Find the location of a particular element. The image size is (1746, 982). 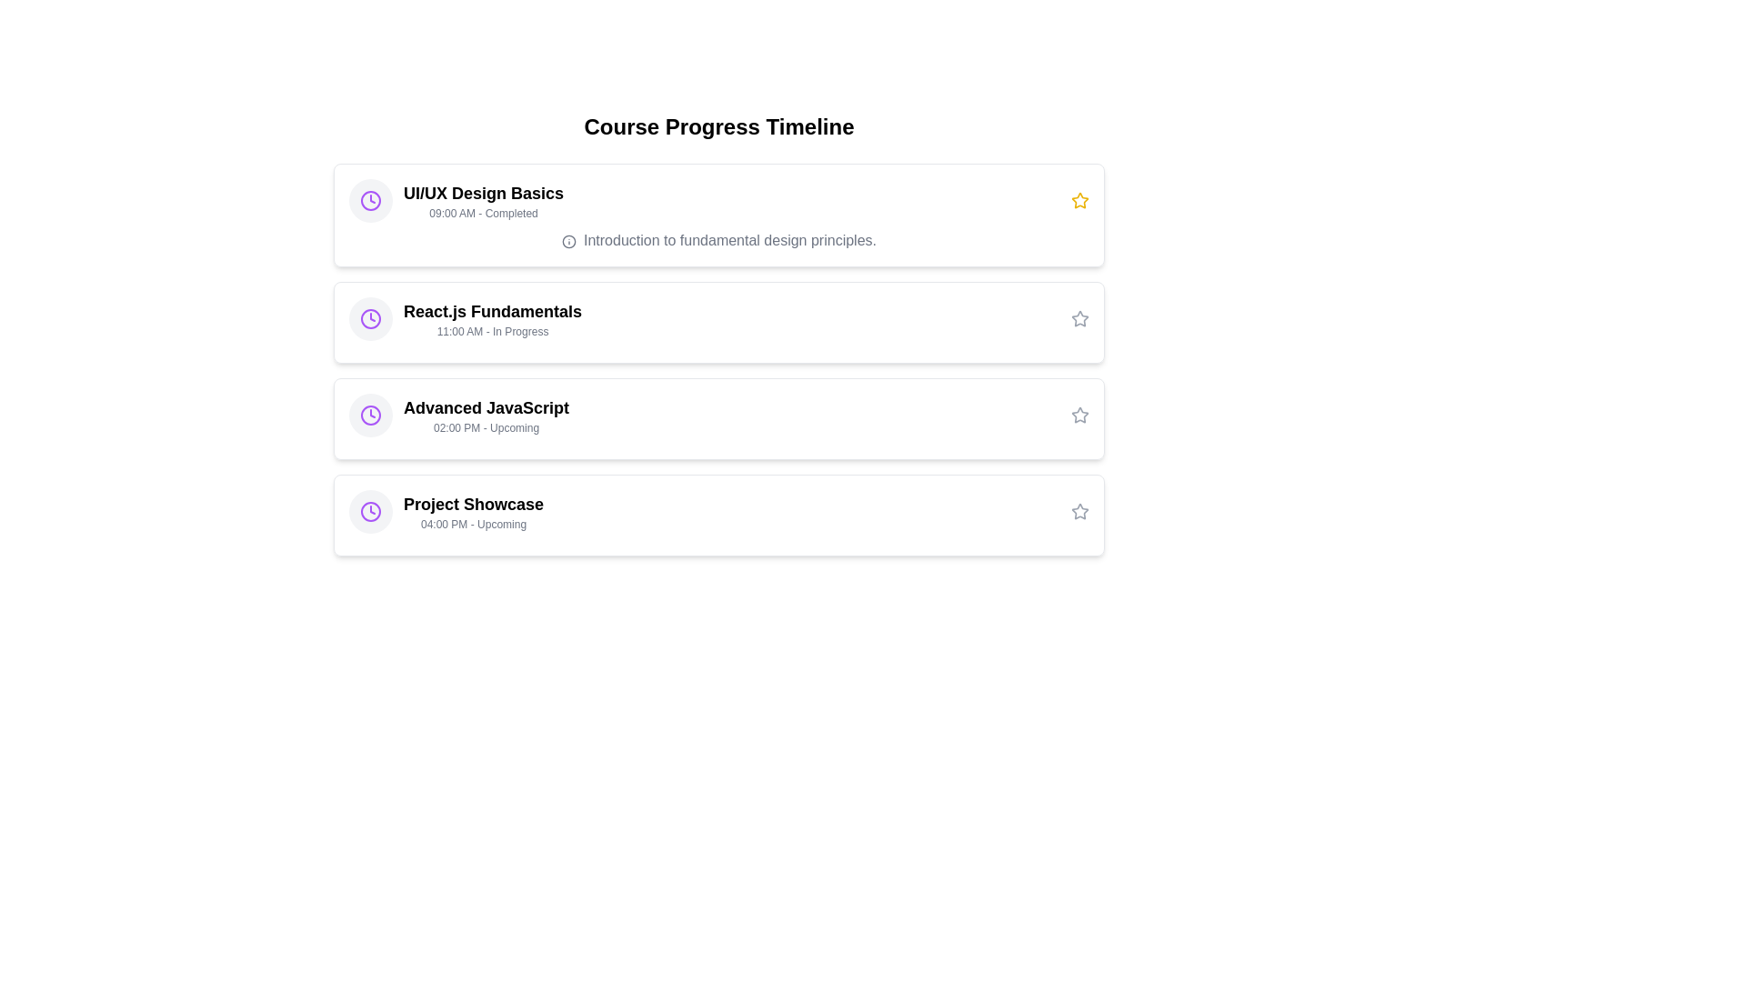

title of the course displayed in the topmost course card, which is identified by its position above the schedule status text is located at coordinates (484, 193).